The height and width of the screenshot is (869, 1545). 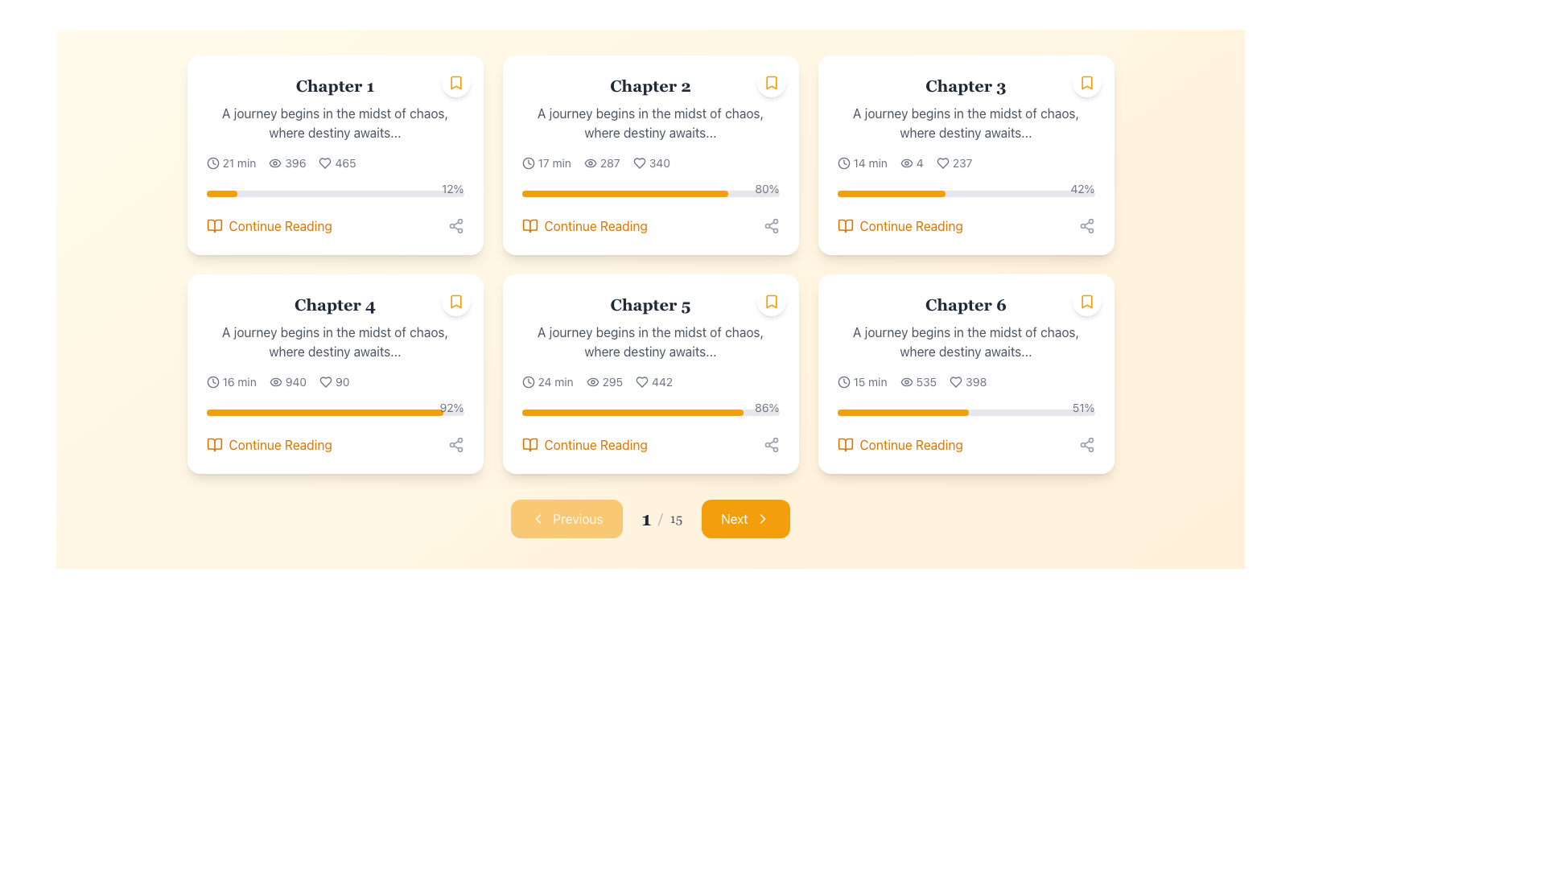 What do you see at coordinates (966, 444) in the screenshot?
I see `the 'Continue Reading' button, which is styled in amber and located at the bottom of the Chapter 6 panel` at bounding box center [966, 444].